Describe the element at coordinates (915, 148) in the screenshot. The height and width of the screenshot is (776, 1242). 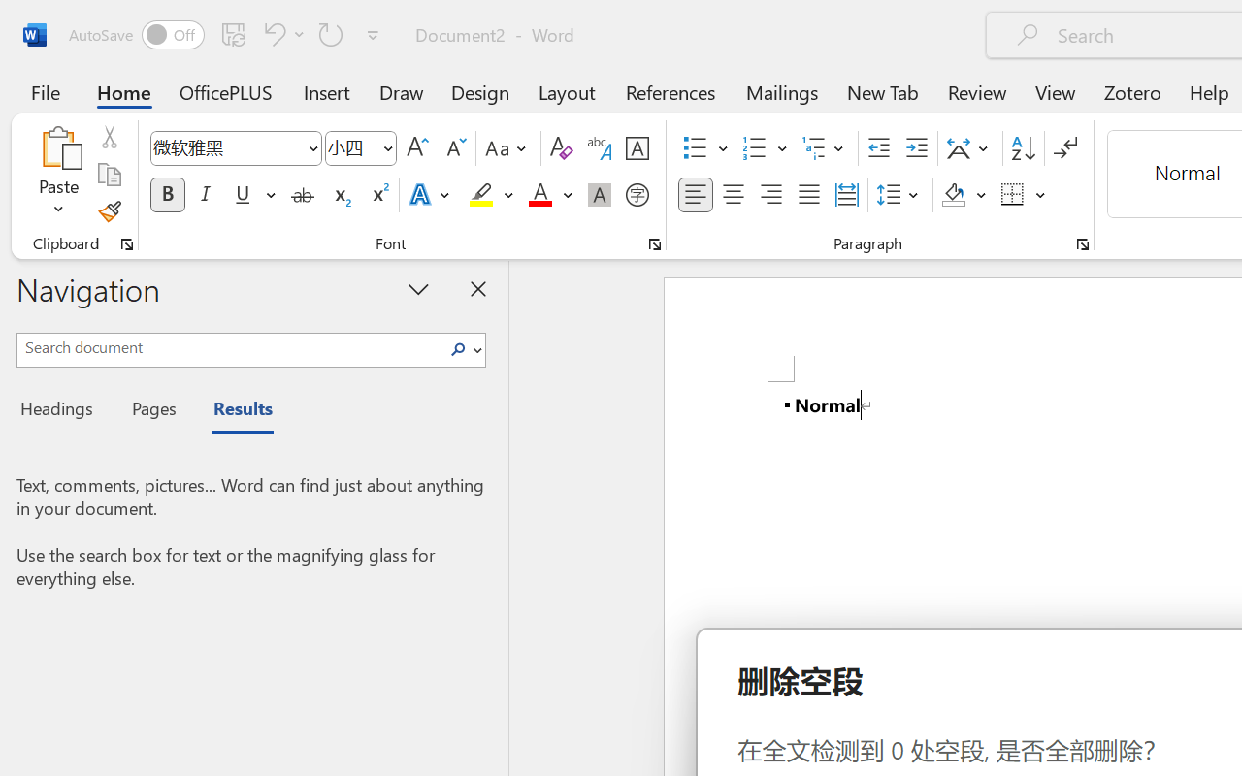
I see `'Increase Indent'` at that location.